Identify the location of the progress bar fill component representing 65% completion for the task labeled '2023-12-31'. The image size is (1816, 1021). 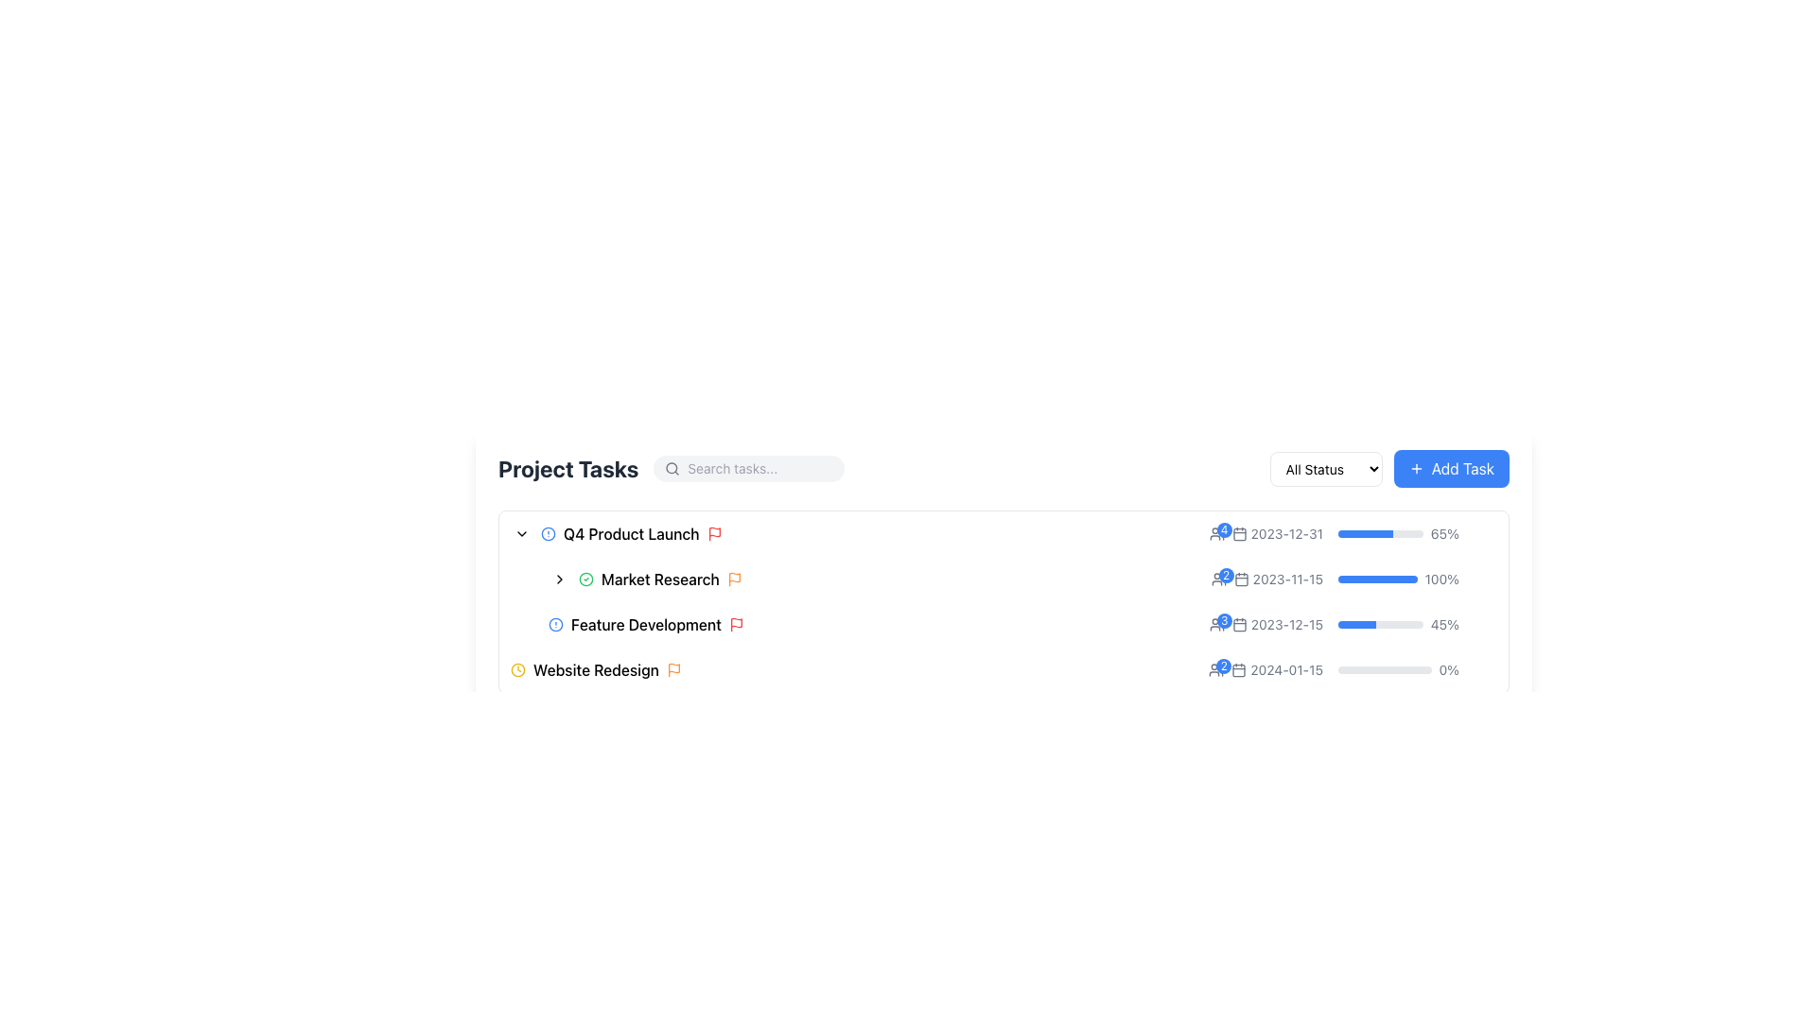
(1366, 533).